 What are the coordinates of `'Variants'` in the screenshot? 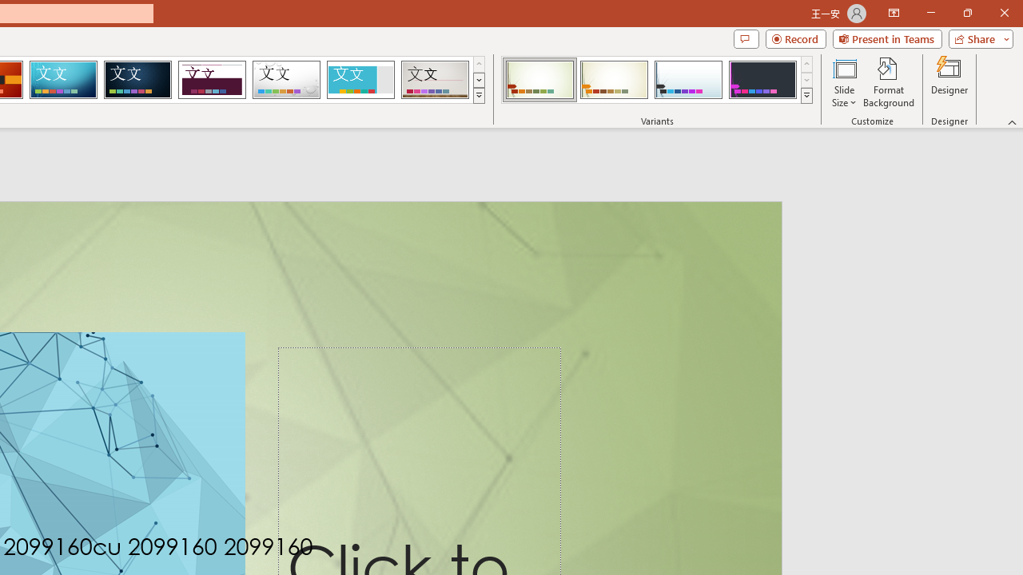 It's located at (806, 96).